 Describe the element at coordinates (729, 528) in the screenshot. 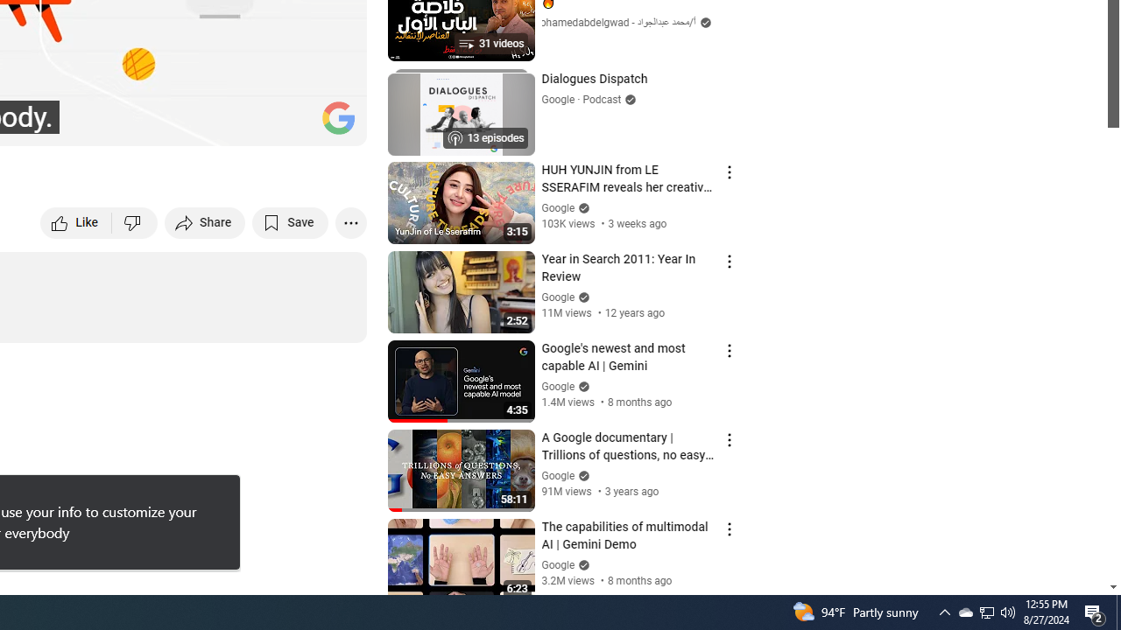

I see `'Action menu'` at that location.